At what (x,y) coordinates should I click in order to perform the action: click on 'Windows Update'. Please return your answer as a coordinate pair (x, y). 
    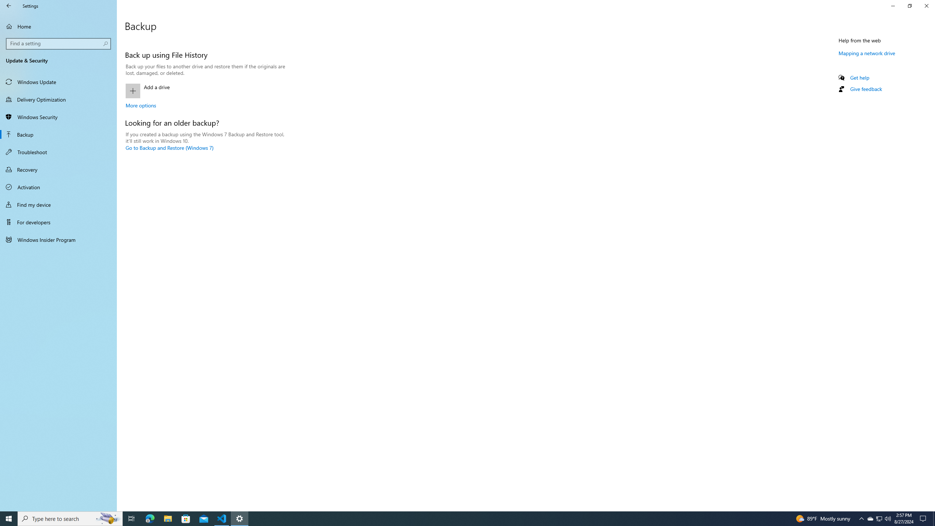
    Looking at the image, I should click on (58, 81).